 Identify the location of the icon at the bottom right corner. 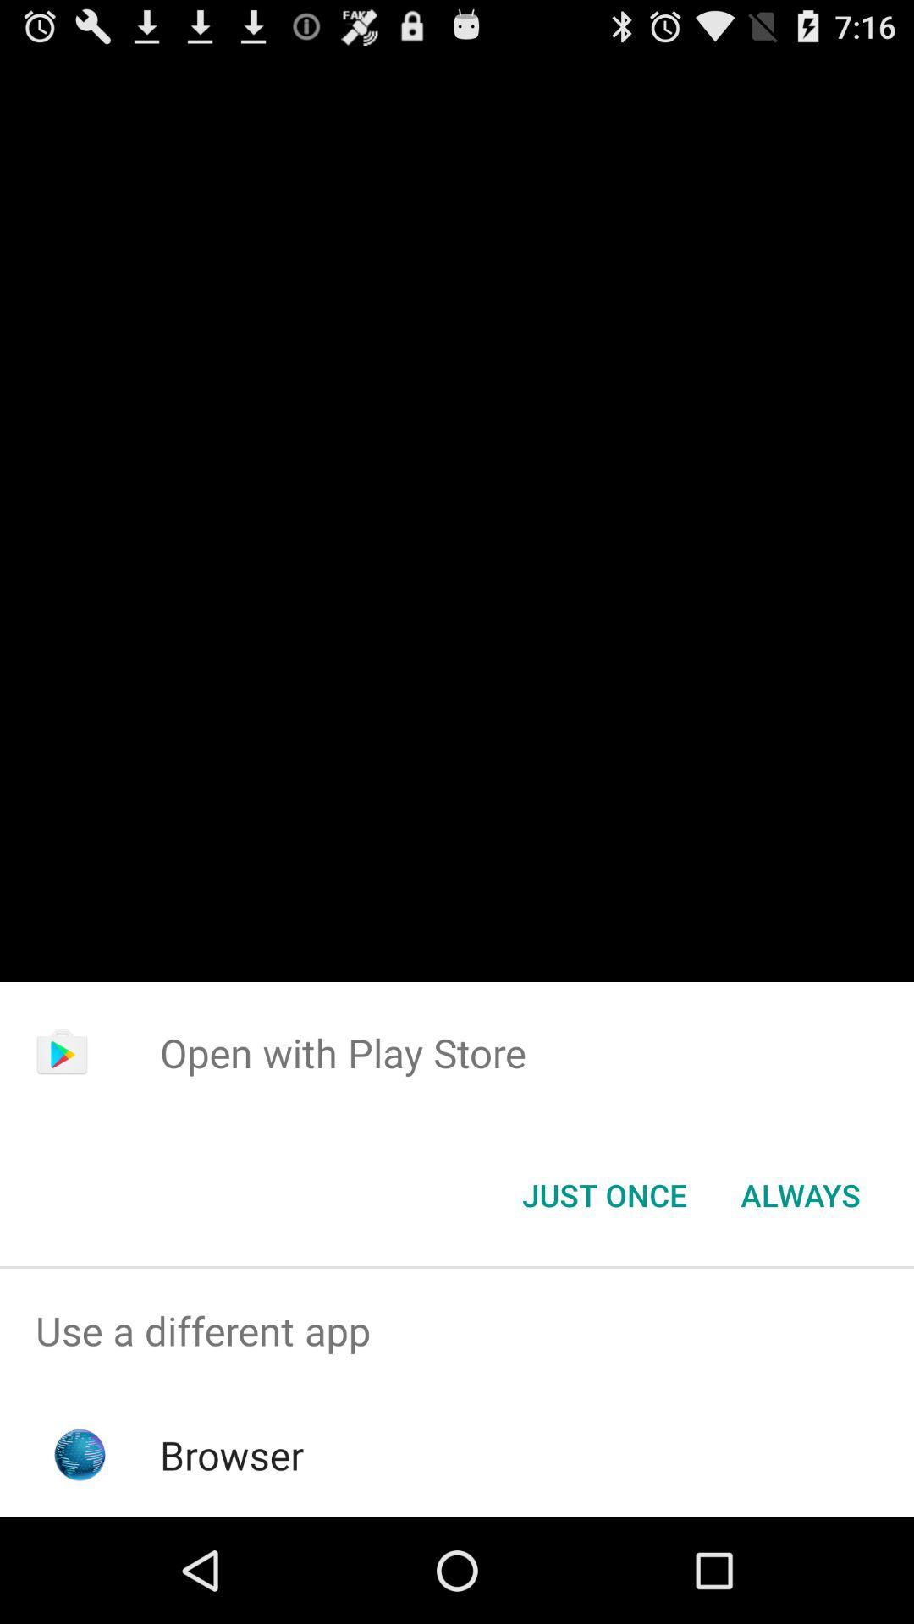
(800, 1193).